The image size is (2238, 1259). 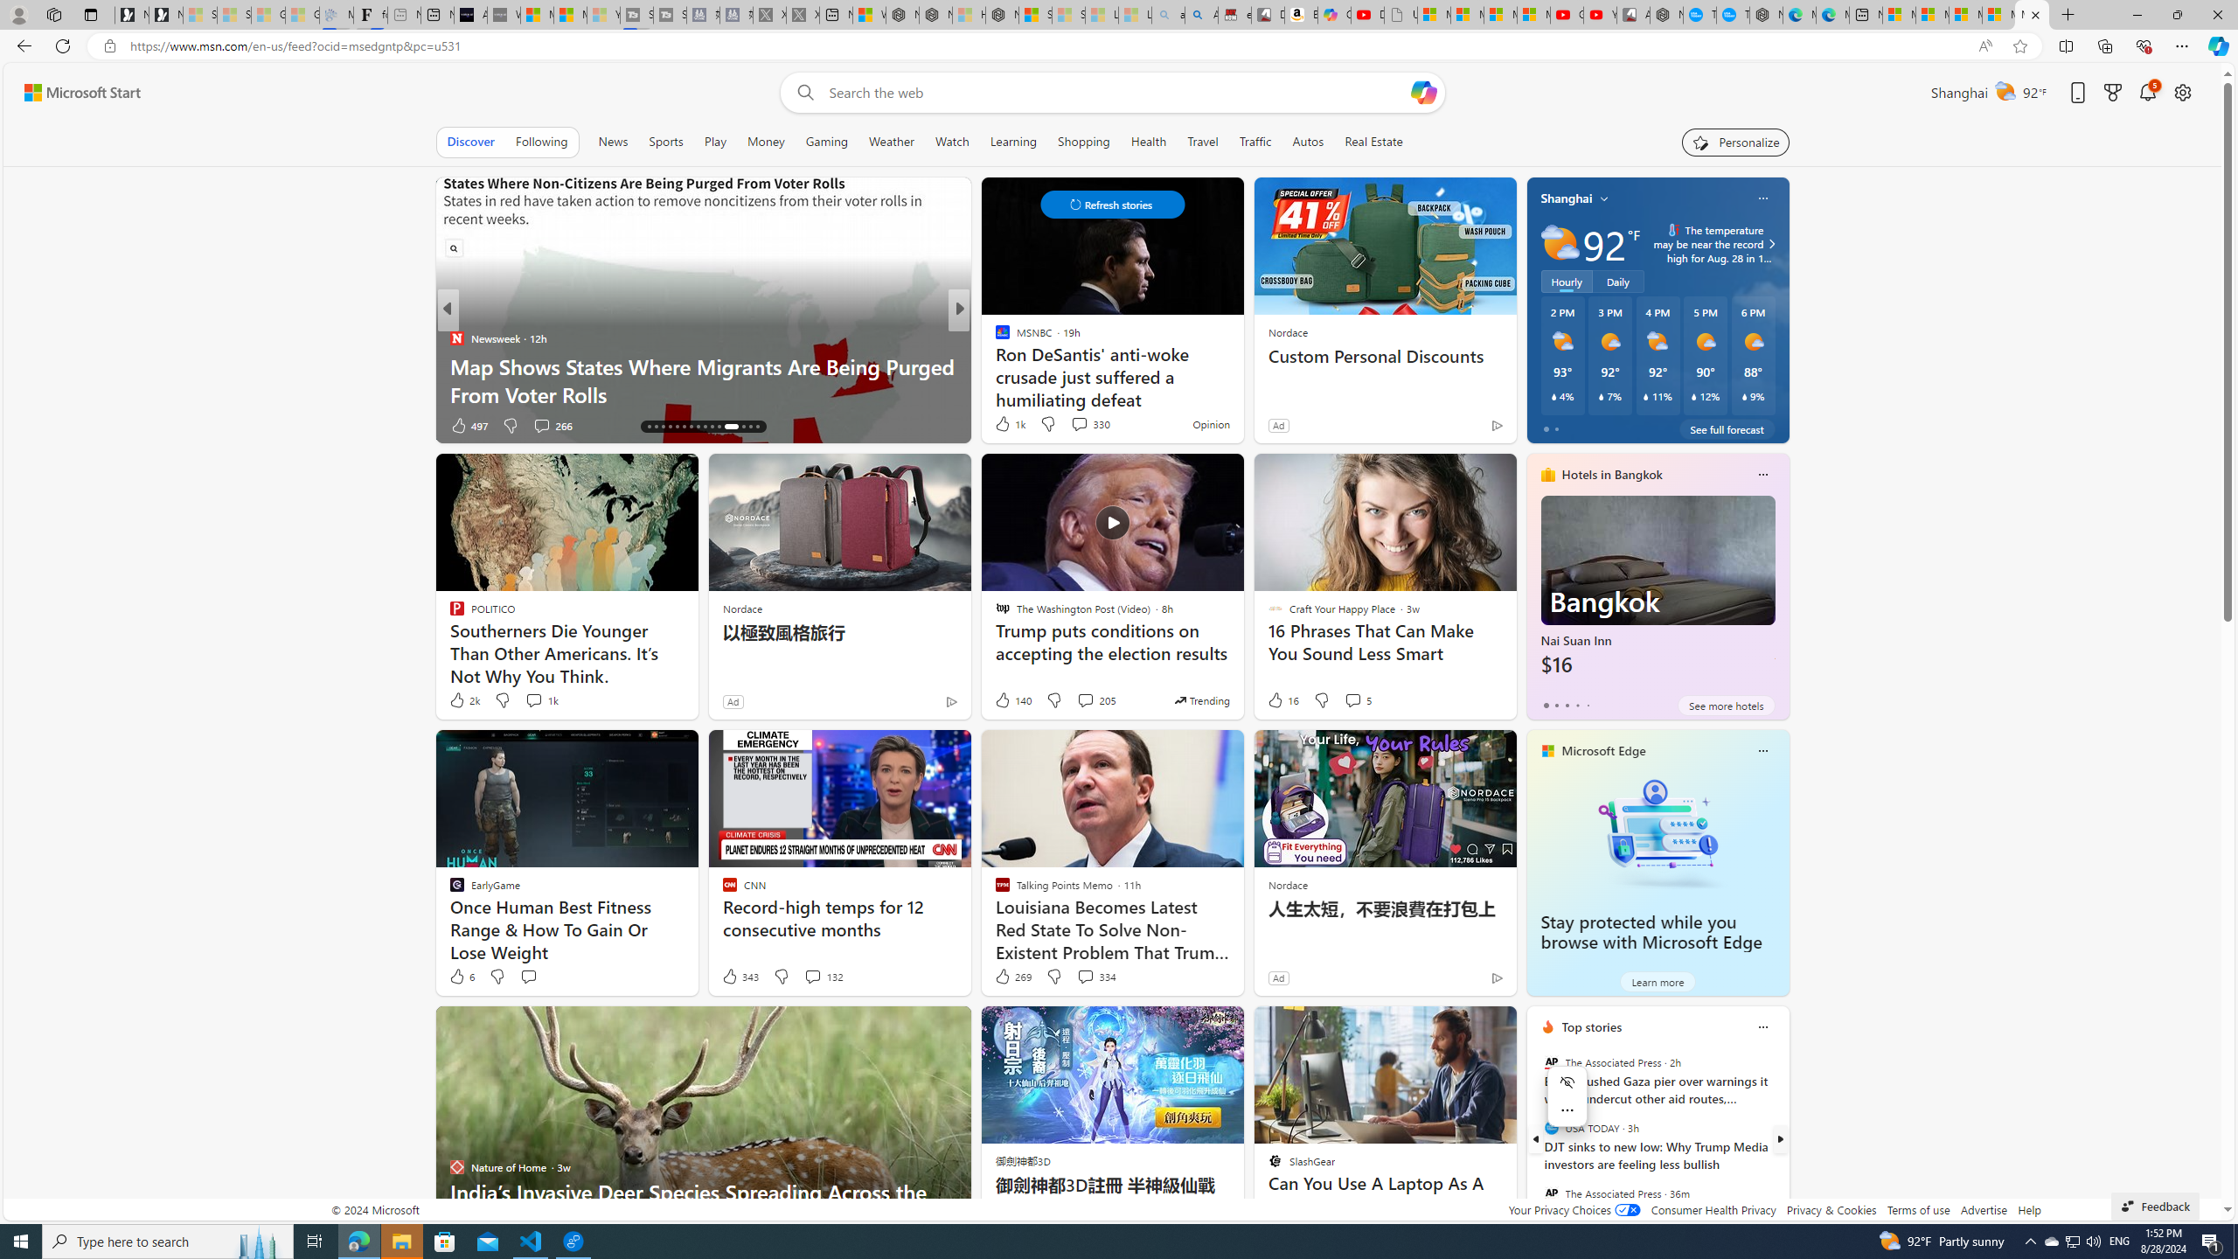 What do you see at coordinates (1566, 197) in the screenshot?
I see `'Shanghai'` at bounding box center [1566, 197].